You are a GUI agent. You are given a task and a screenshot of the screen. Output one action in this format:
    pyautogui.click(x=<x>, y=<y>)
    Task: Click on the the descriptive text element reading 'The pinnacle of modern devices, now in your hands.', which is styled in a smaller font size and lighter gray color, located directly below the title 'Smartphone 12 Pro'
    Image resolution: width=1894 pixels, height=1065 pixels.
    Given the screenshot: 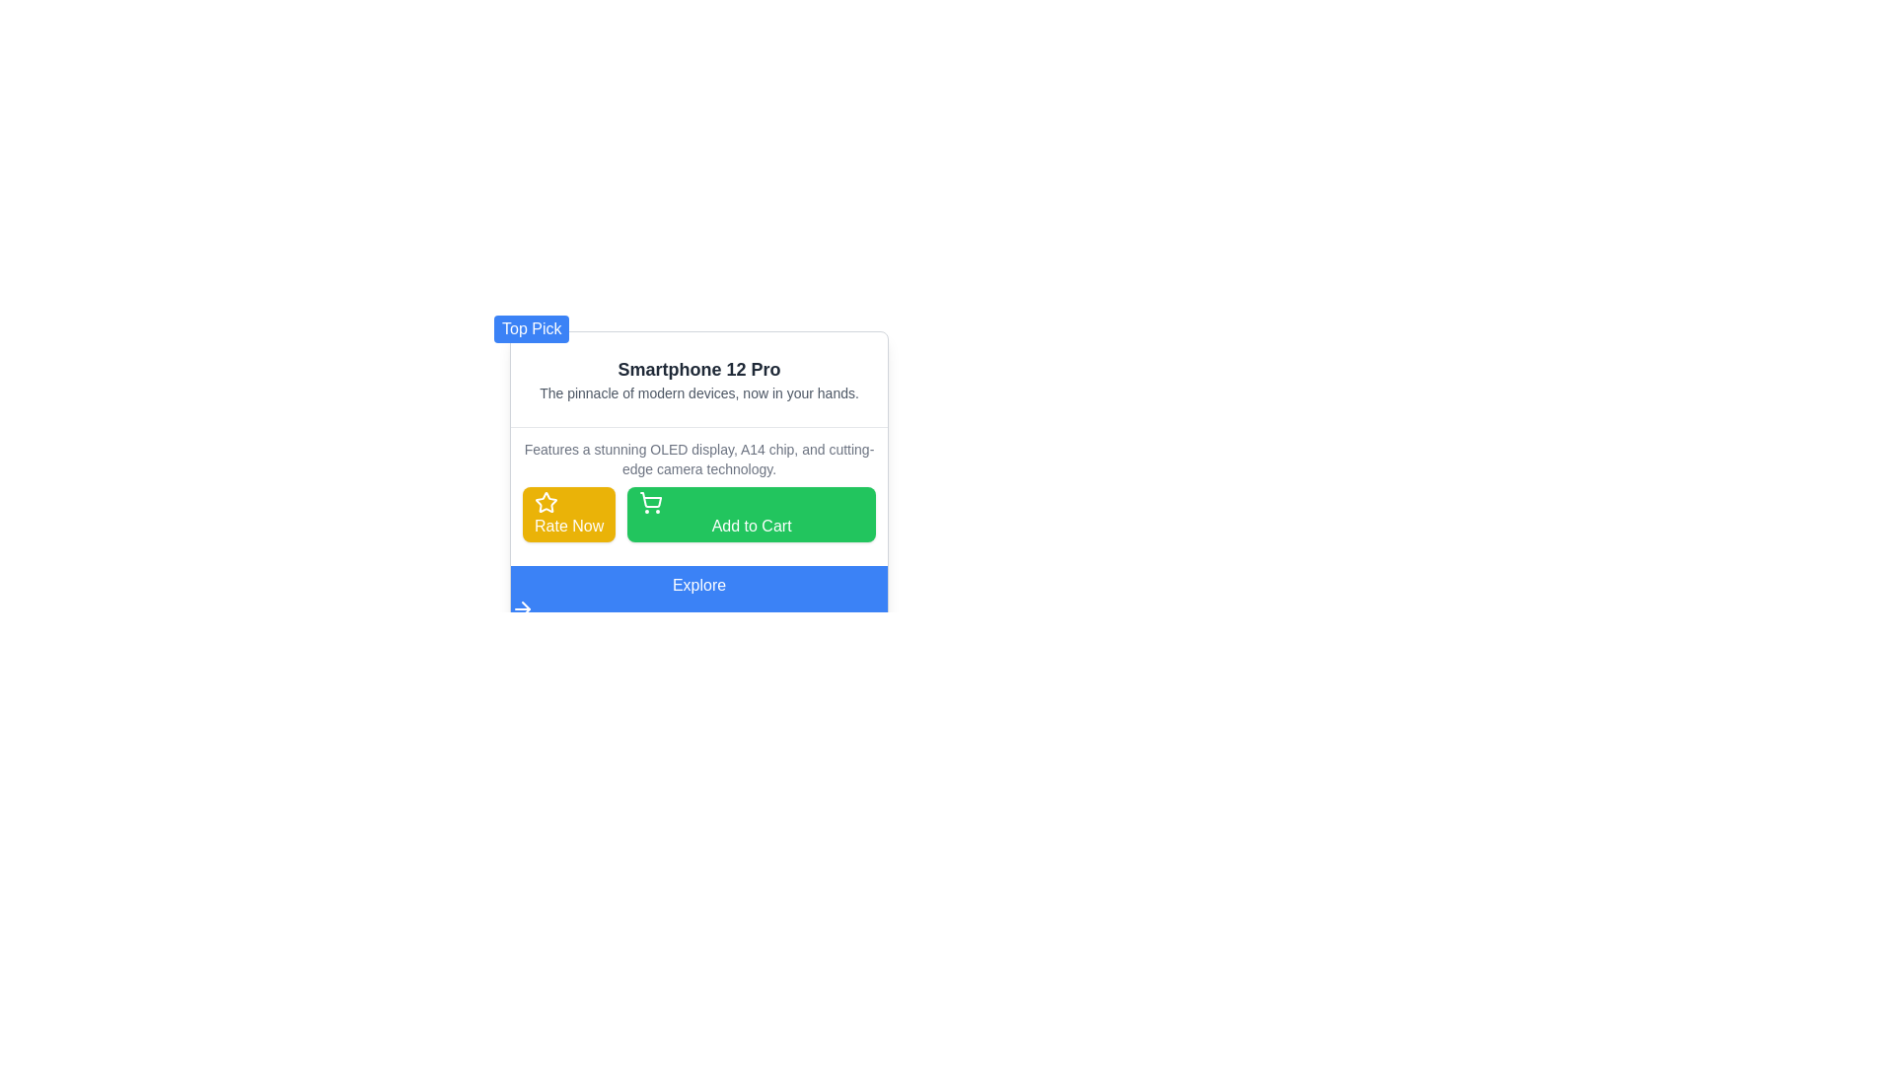 What is the action you would take?
    pyautogui.click(x=699, y=392)
    